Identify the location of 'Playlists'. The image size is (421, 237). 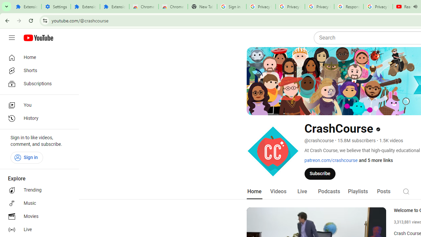
(358, 191).